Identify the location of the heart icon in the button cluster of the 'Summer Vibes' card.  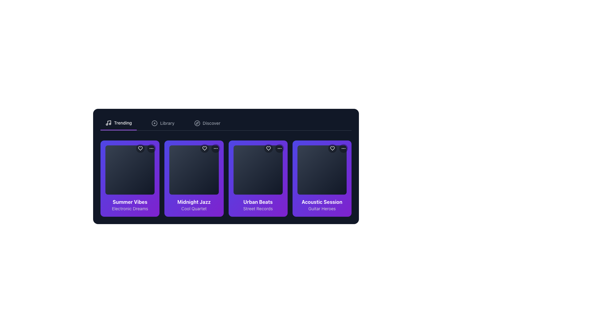
(146, 148).